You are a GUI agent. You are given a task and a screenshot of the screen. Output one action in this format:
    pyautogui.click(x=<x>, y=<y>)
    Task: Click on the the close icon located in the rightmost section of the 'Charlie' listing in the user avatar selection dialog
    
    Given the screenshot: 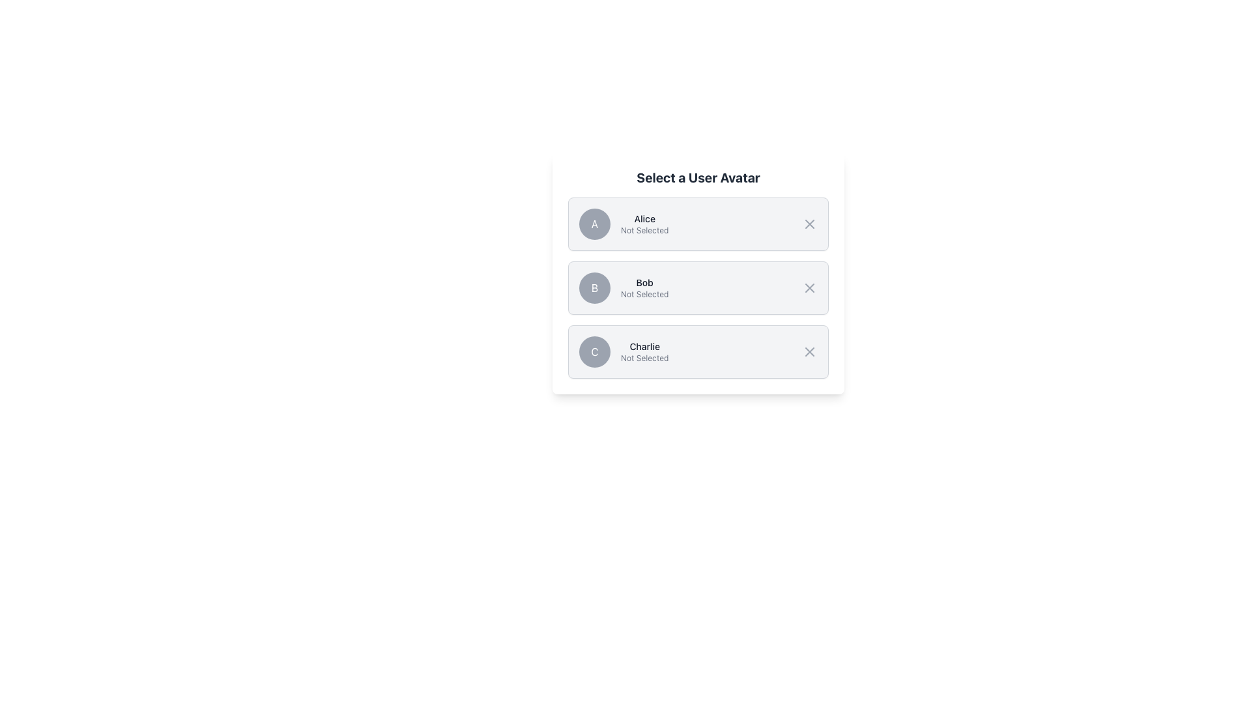 What is the action you would take?
    pyautogui.click(x=809, y=352)
    